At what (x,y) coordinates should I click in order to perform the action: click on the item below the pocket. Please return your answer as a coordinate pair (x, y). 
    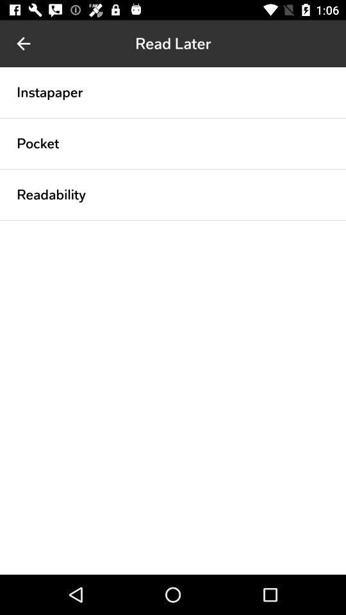
    Looking at the image, I should click on (173, 168).